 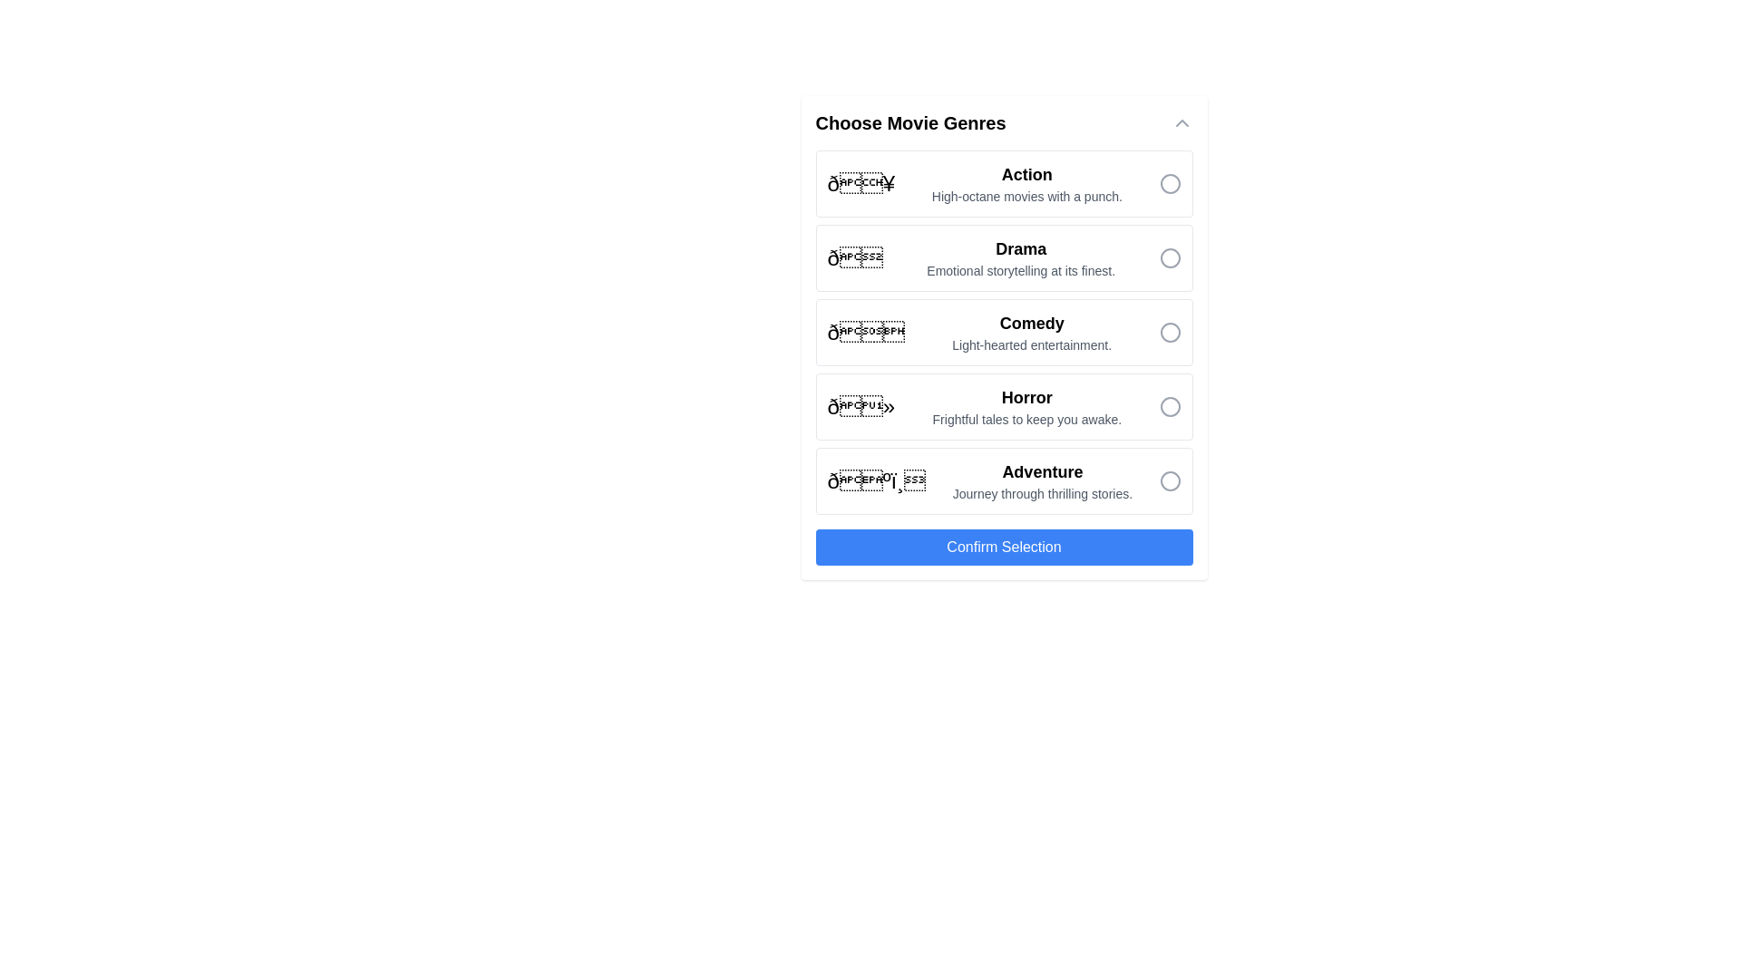 What do you see at coordinates (1170, 332) in the screenshot?
I see `the gray circular radio button on the far-right of the 'Comedy' list item` at bounding box center [1170, 332].